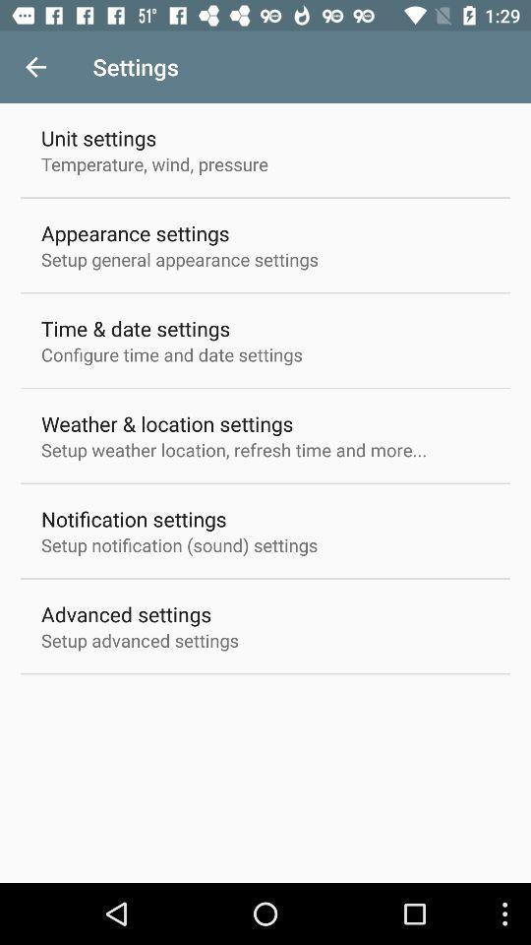 Image resolution: width=531 pixels, height=945 pixels. I want to click on the icon above unit settings, so click(35, 67).